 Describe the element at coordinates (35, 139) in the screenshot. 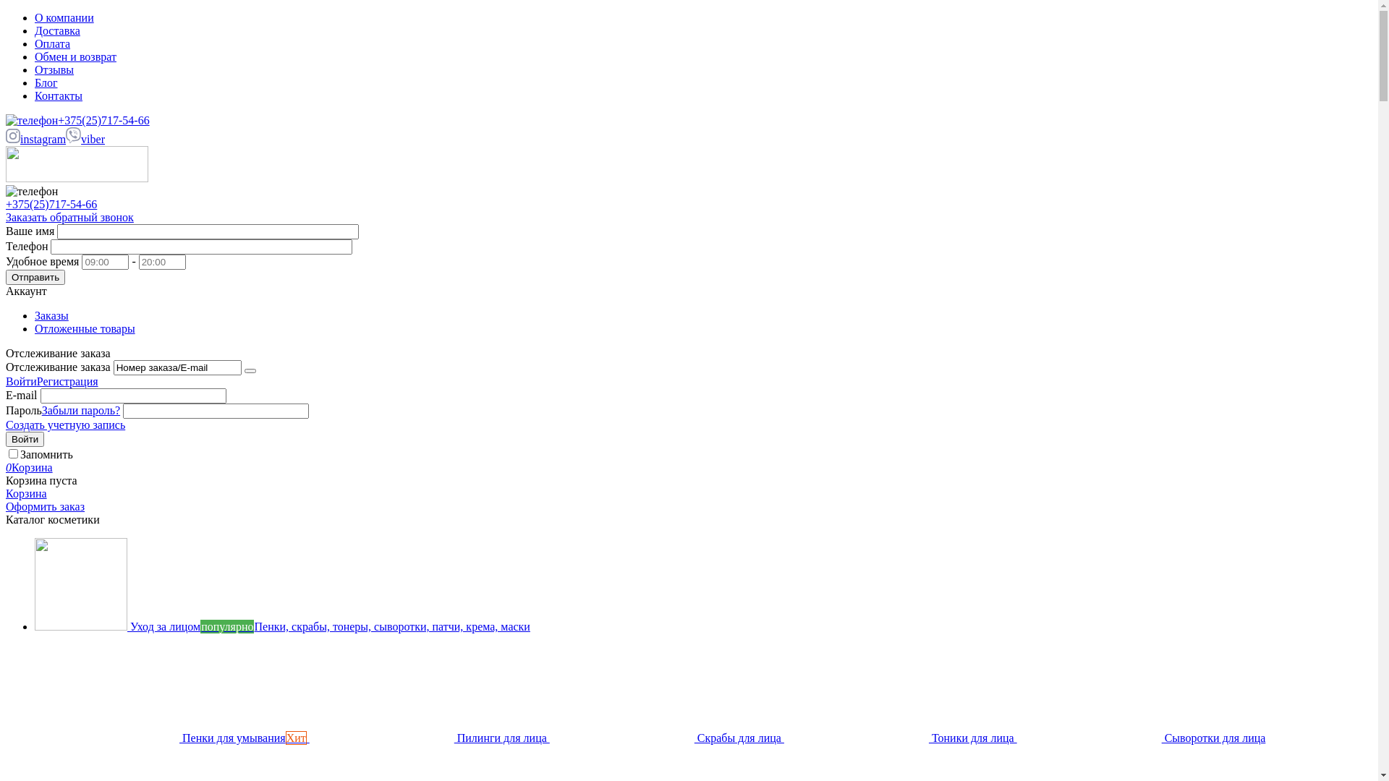

I see `'instagram'` at that location.